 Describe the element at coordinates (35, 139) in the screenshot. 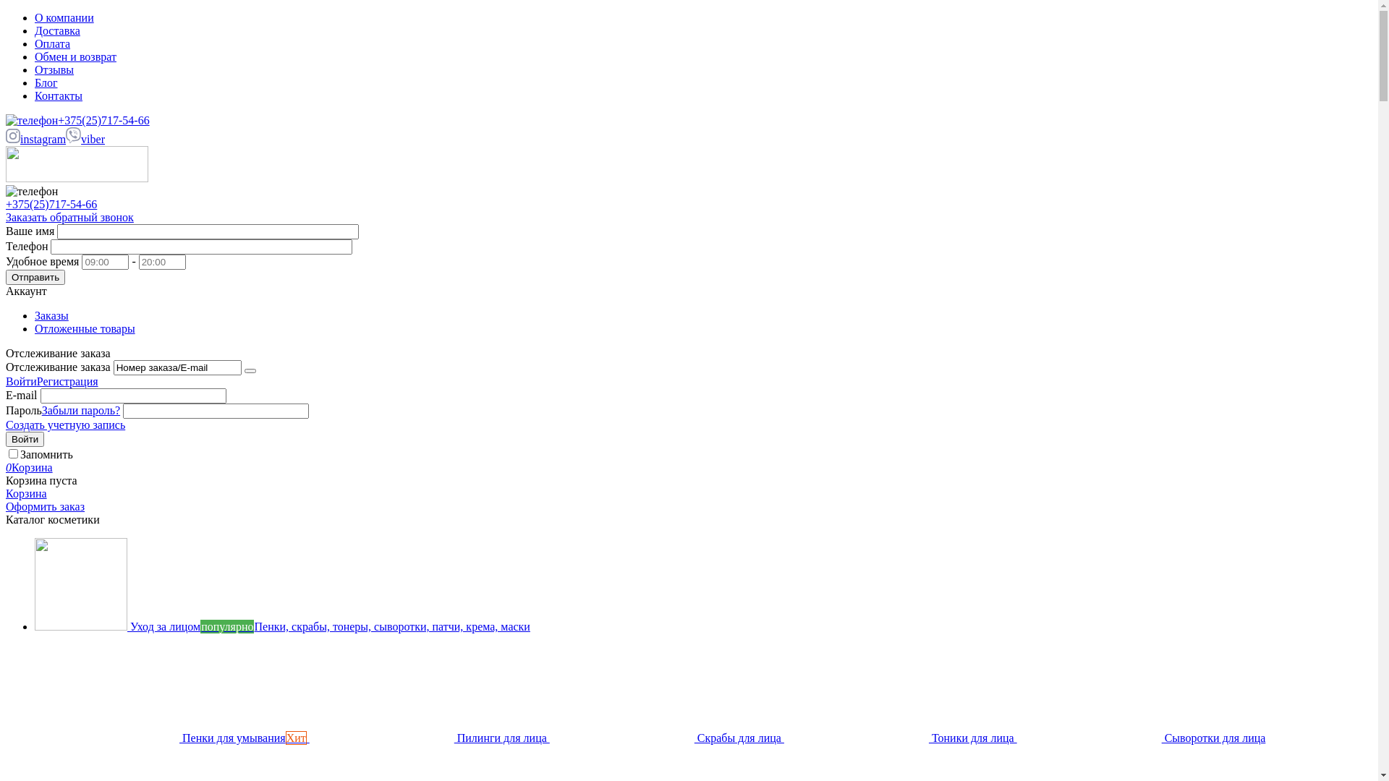

I see `'instagram'` at that location.